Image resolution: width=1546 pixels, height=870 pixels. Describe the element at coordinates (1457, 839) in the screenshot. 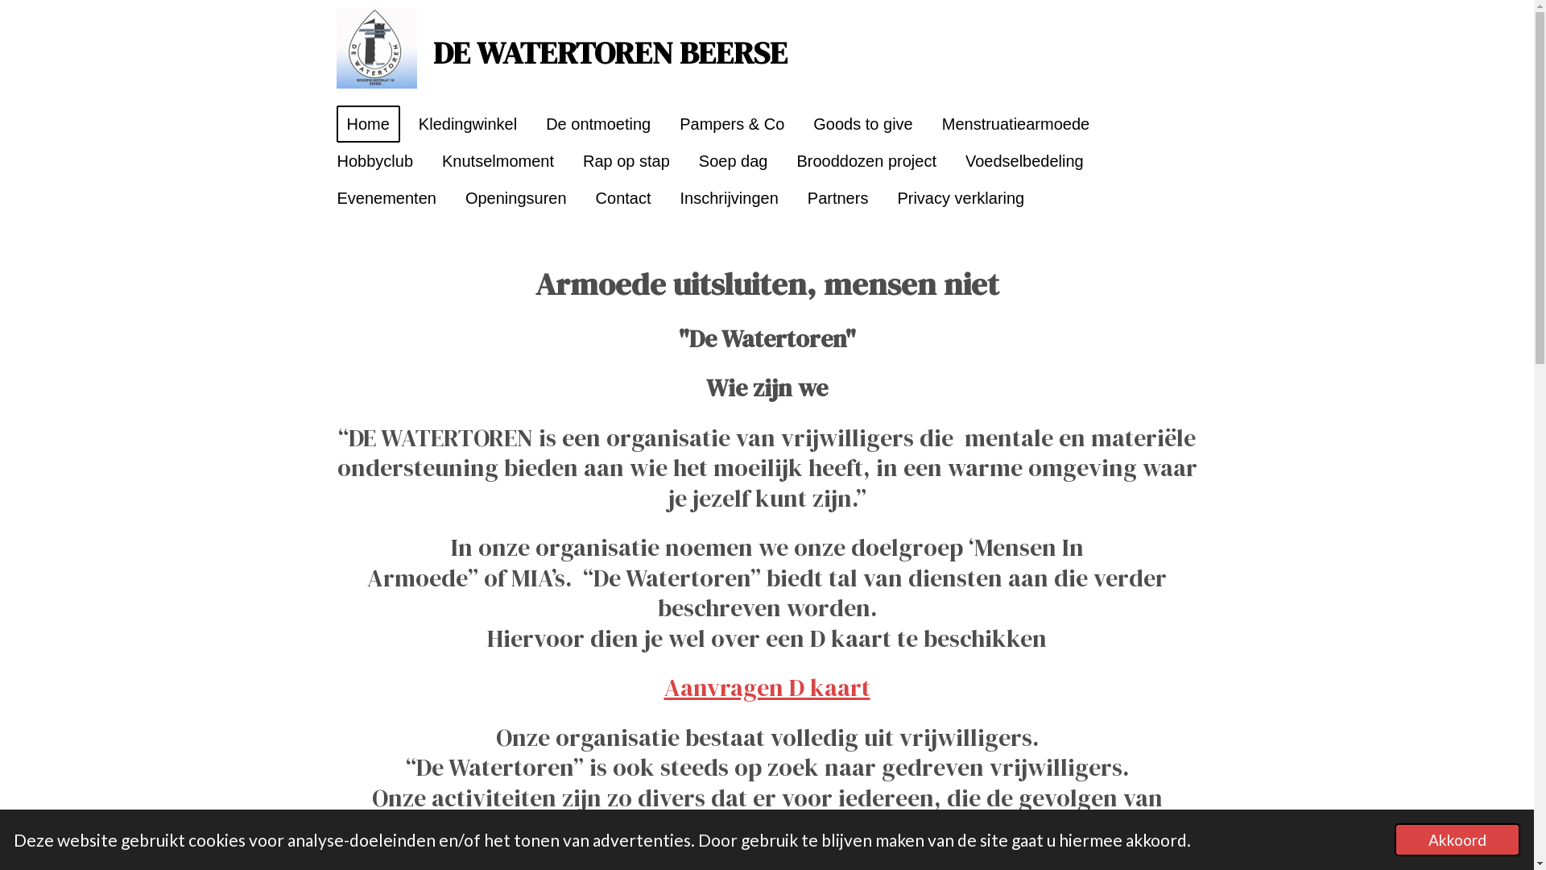

I see `'Akkoord'` at that location.